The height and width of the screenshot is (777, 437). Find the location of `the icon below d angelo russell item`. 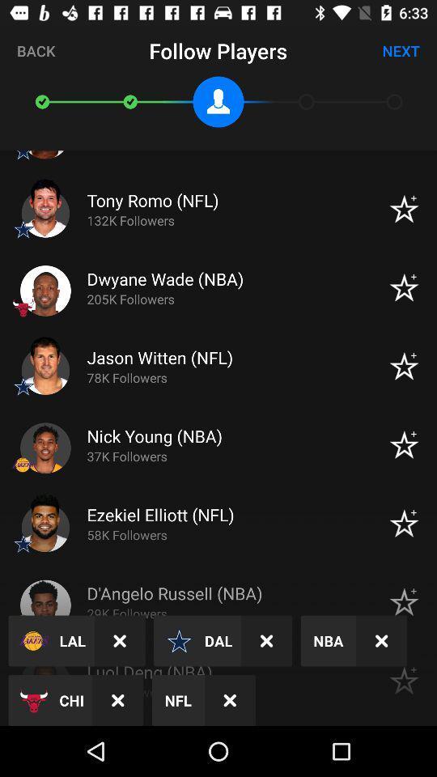

the icon below d angelo russell item is located at coordinates (266, 641).